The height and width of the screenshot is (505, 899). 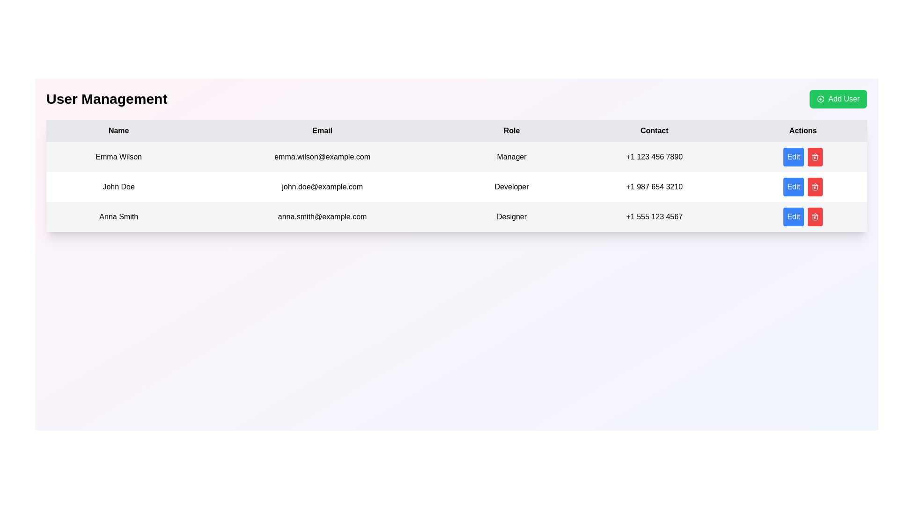 I want to click on the Text Label in the 'Role' column of the first row, which indicates the role of the person in the table, aligned with 'Emma Wilson' and 'emma.wilson@example.com', so click(x=511, y=156).